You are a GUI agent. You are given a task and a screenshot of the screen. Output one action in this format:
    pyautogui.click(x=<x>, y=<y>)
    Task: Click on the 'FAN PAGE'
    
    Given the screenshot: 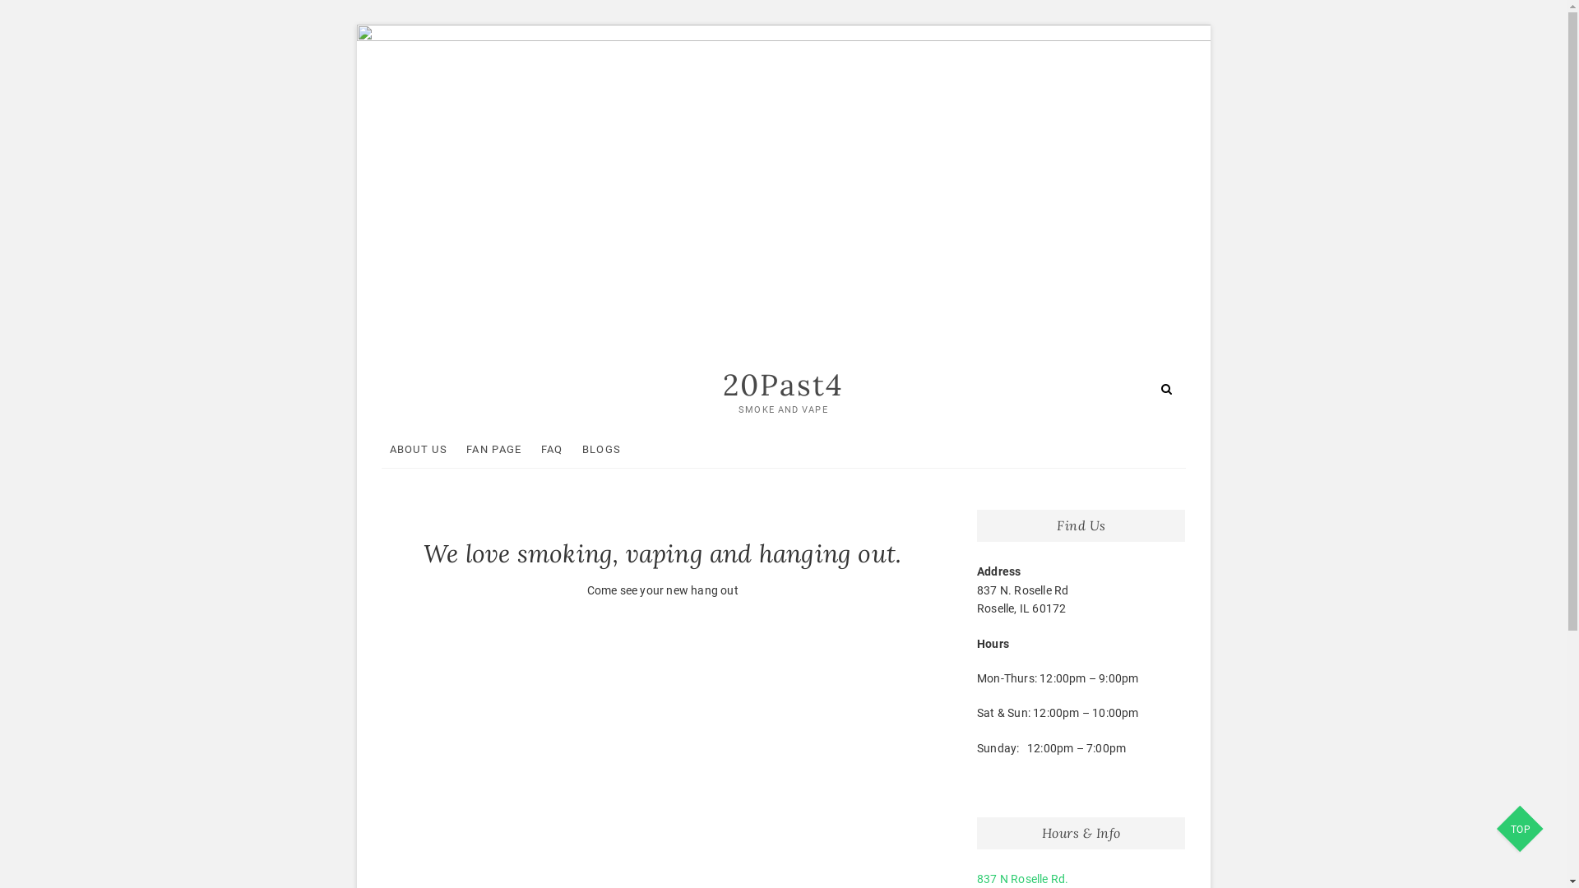 What is the action you would take?
    pyautogui.click(x=493, y=449)
    